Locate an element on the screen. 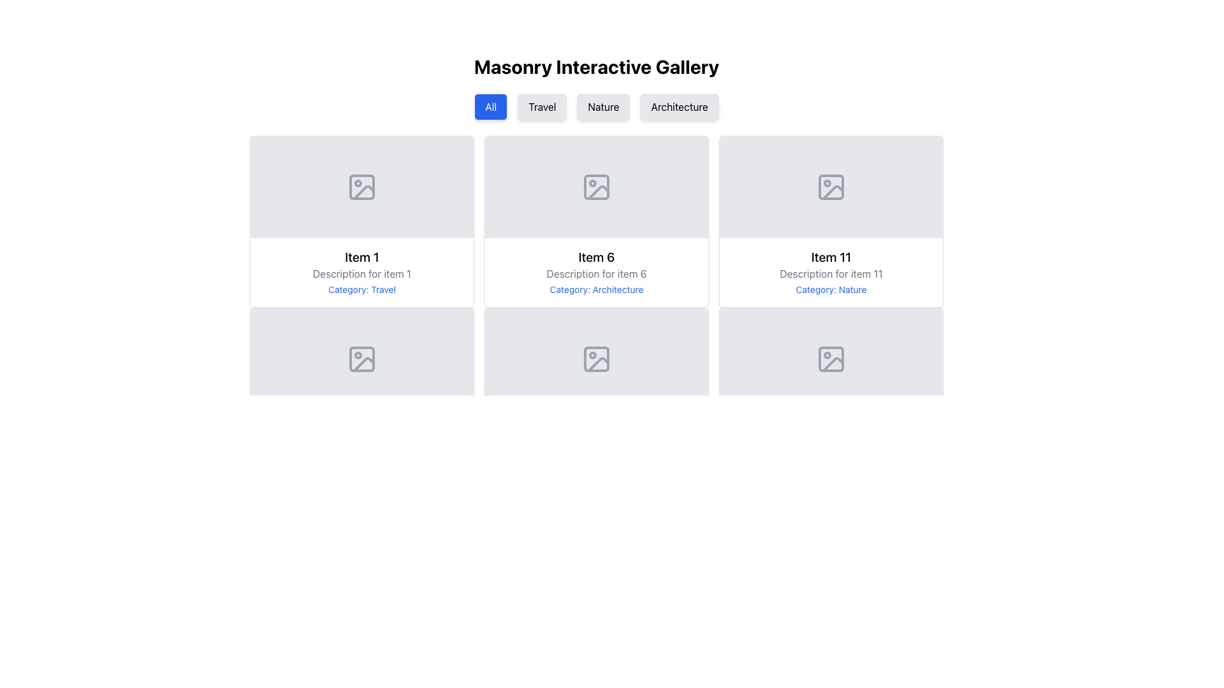 The width and height of the screenshot is (1224, 688). the triangle-like graphic detail within the SVG icon located in the bottom right image placeholder of the grid layout, specifically in the third image slot of the last row is located at coordinates (833, 364).